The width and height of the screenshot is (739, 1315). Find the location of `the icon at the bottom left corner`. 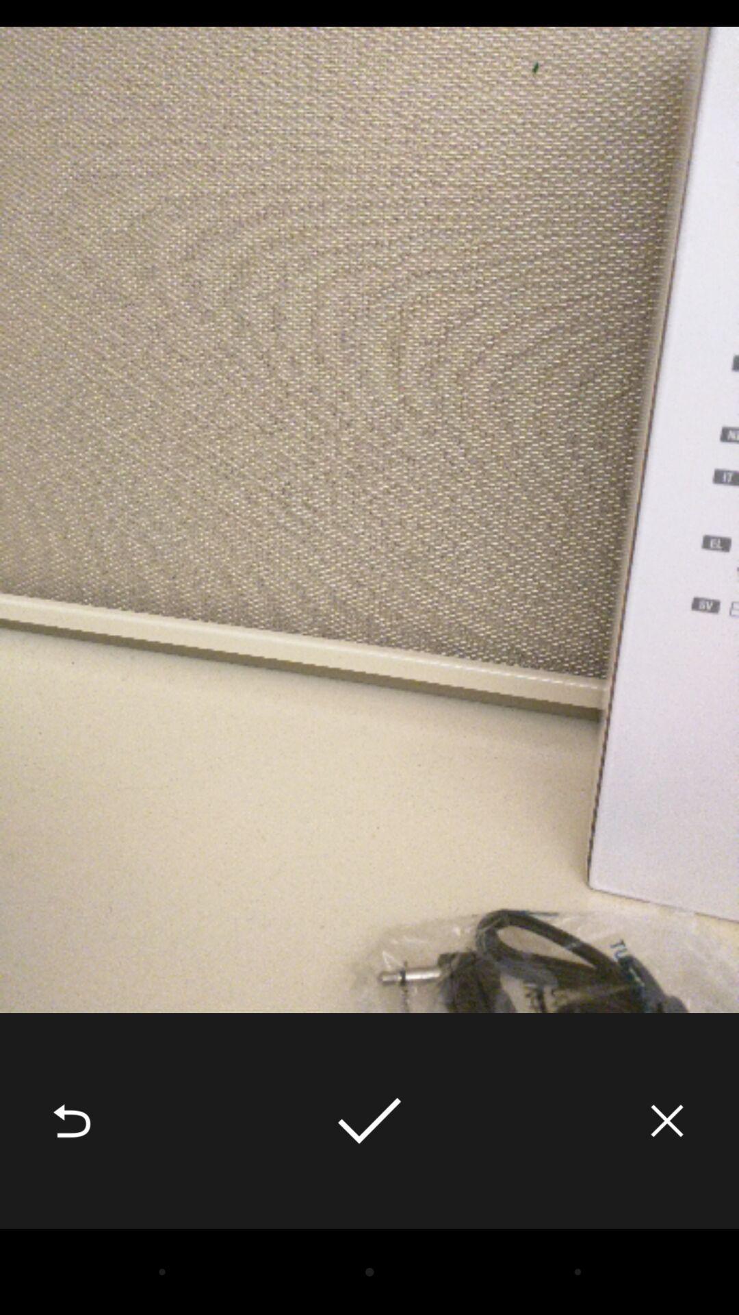

the icon at the bottom left corner is located at coordinates (71, 1120).